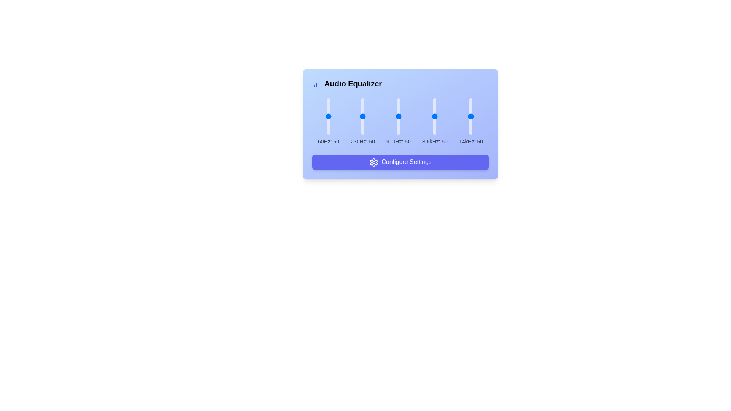 The width and height of the screenshot is (731, 411). Describe the element at coordinates (435, 99) in the screenshot. I see `the 3.6kHz slider` at that location.